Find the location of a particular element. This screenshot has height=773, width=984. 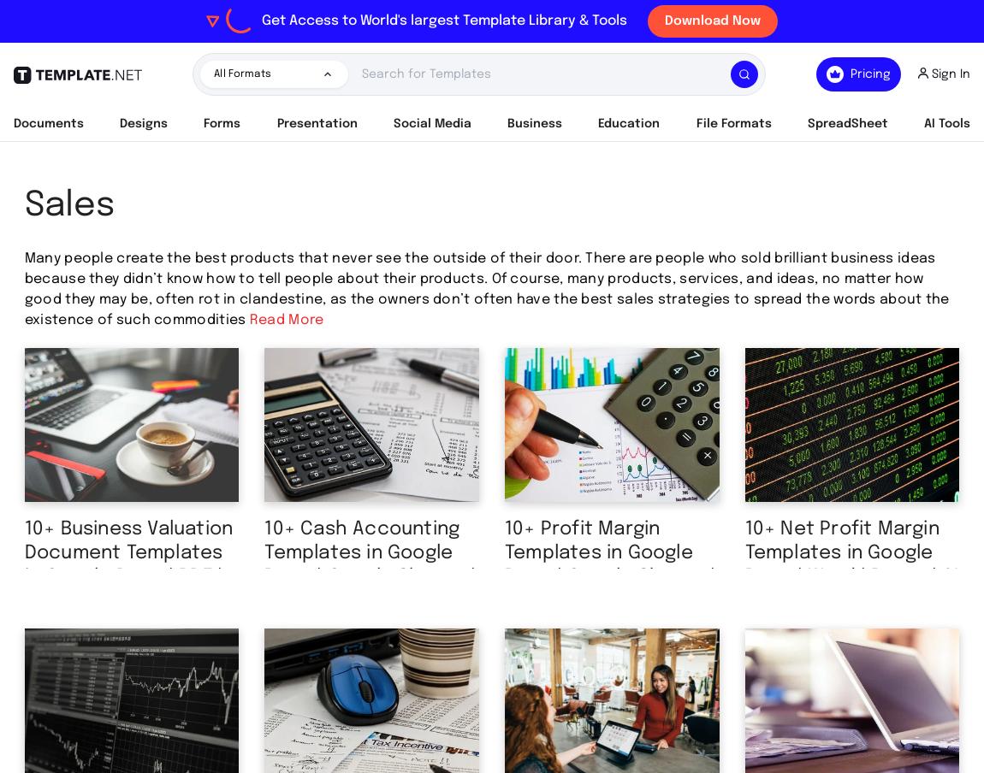

'Education' is located at coordinates (627, 123).